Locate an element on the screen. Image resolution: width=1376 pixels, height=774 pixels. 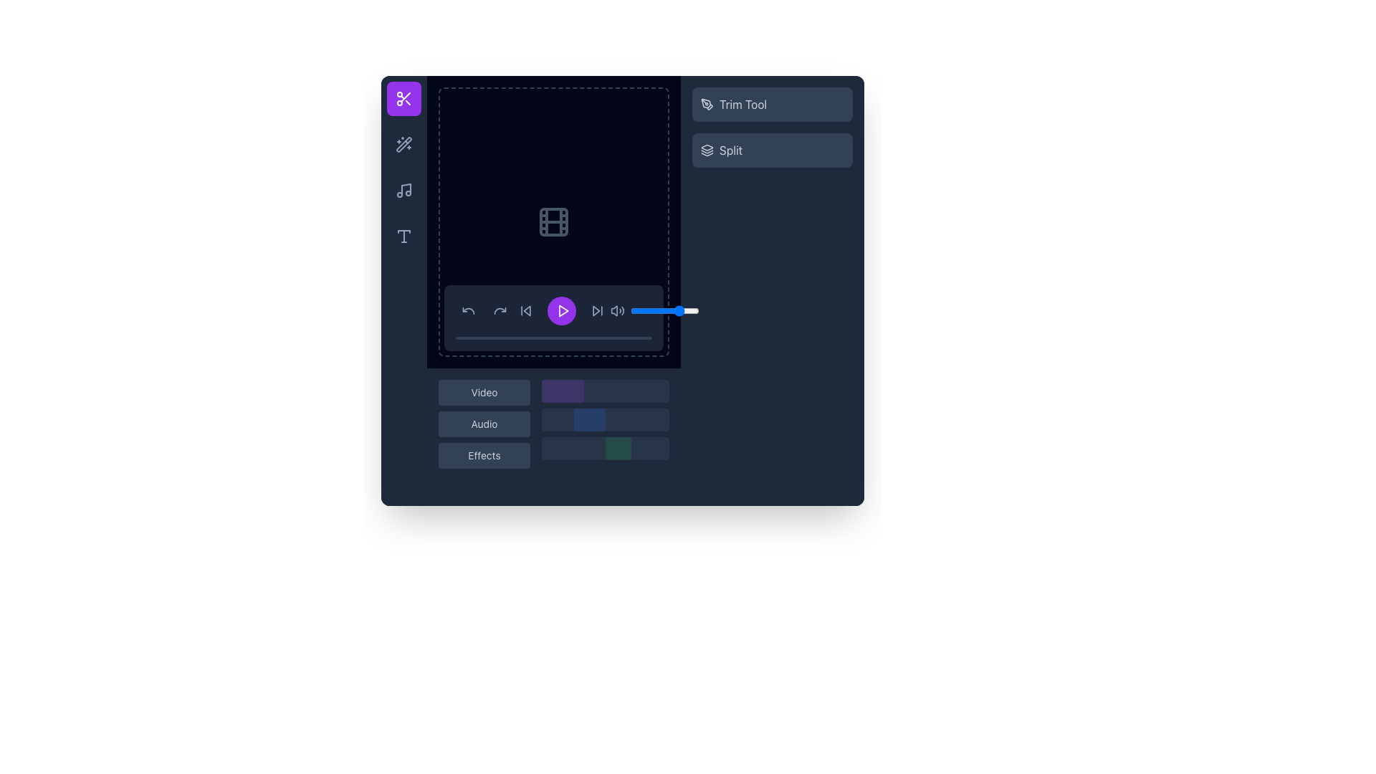
the slider value is located at coordinates (697, 310).